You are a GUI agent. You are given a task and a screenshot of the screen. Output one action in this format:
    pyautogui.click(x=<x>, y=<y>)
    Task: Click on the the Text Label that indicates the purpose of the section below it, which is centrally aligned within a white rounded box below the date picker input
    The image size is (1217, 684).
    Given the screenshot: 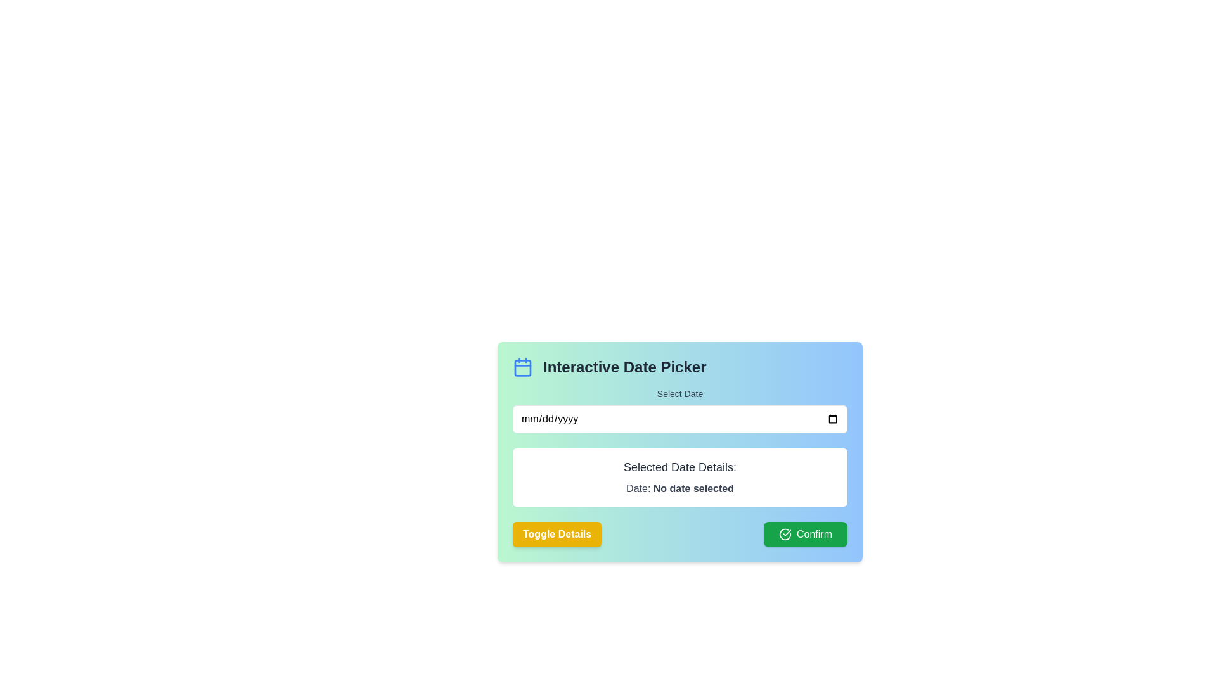 What is the action you would take?
    pyautogui.click(x=679, y=467)
    